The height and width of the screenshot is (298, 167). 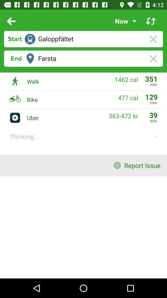 I want to click on the item next to the now item, so click(x=150, y=21).